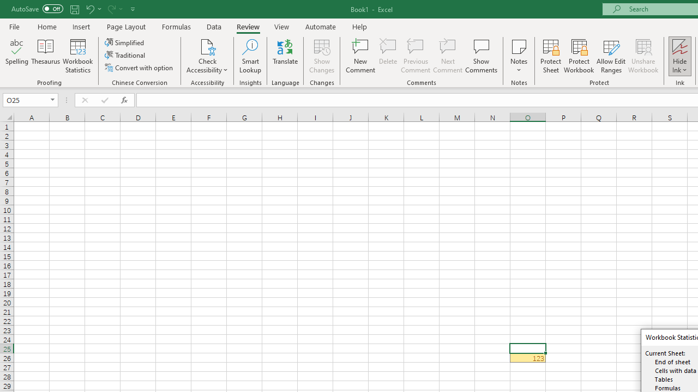 The height and width of the screenshot is (392, 698). I want to click on 'Insert', so click(81, 26).